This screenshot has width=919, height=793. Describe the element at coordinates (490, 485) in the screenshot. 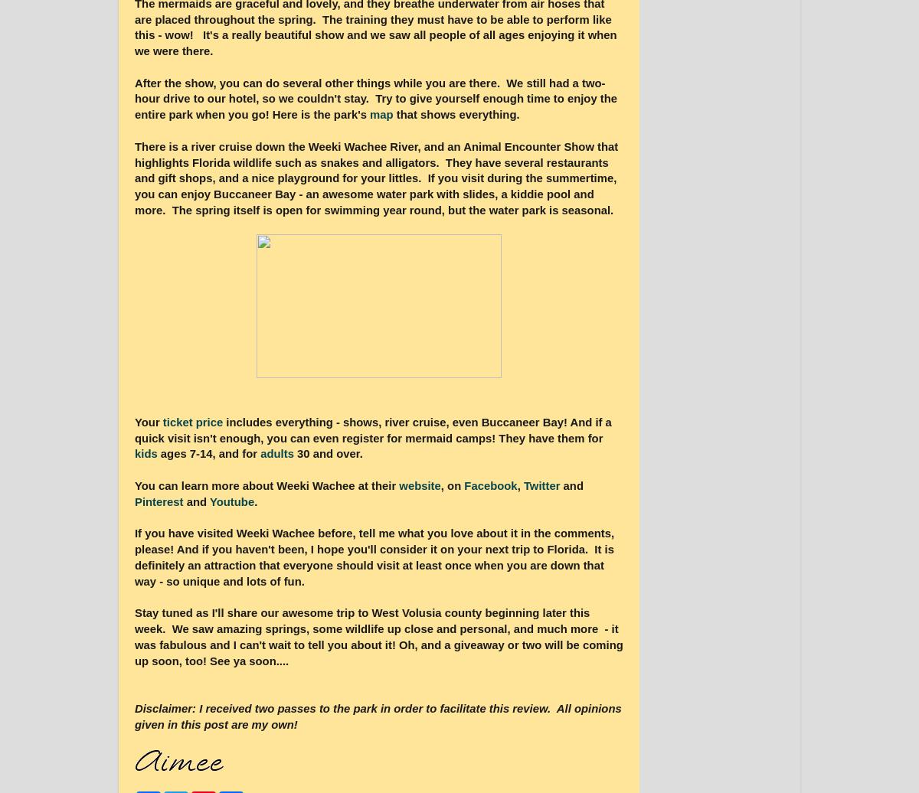

I see `'Facebook'` at that location.